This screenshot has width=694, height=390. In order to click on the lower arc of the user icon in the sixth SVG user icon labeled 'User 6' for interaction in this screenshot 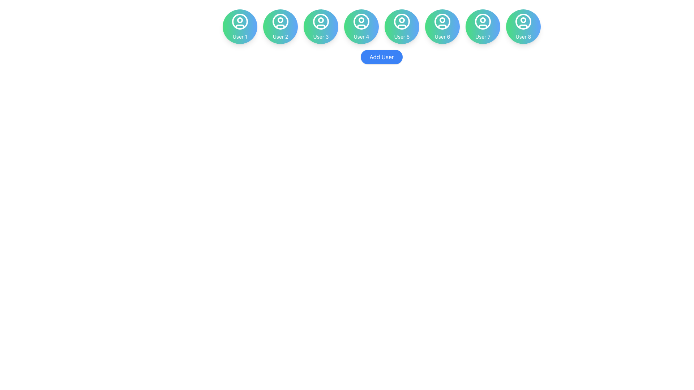, I will do `click(442, 26)`.